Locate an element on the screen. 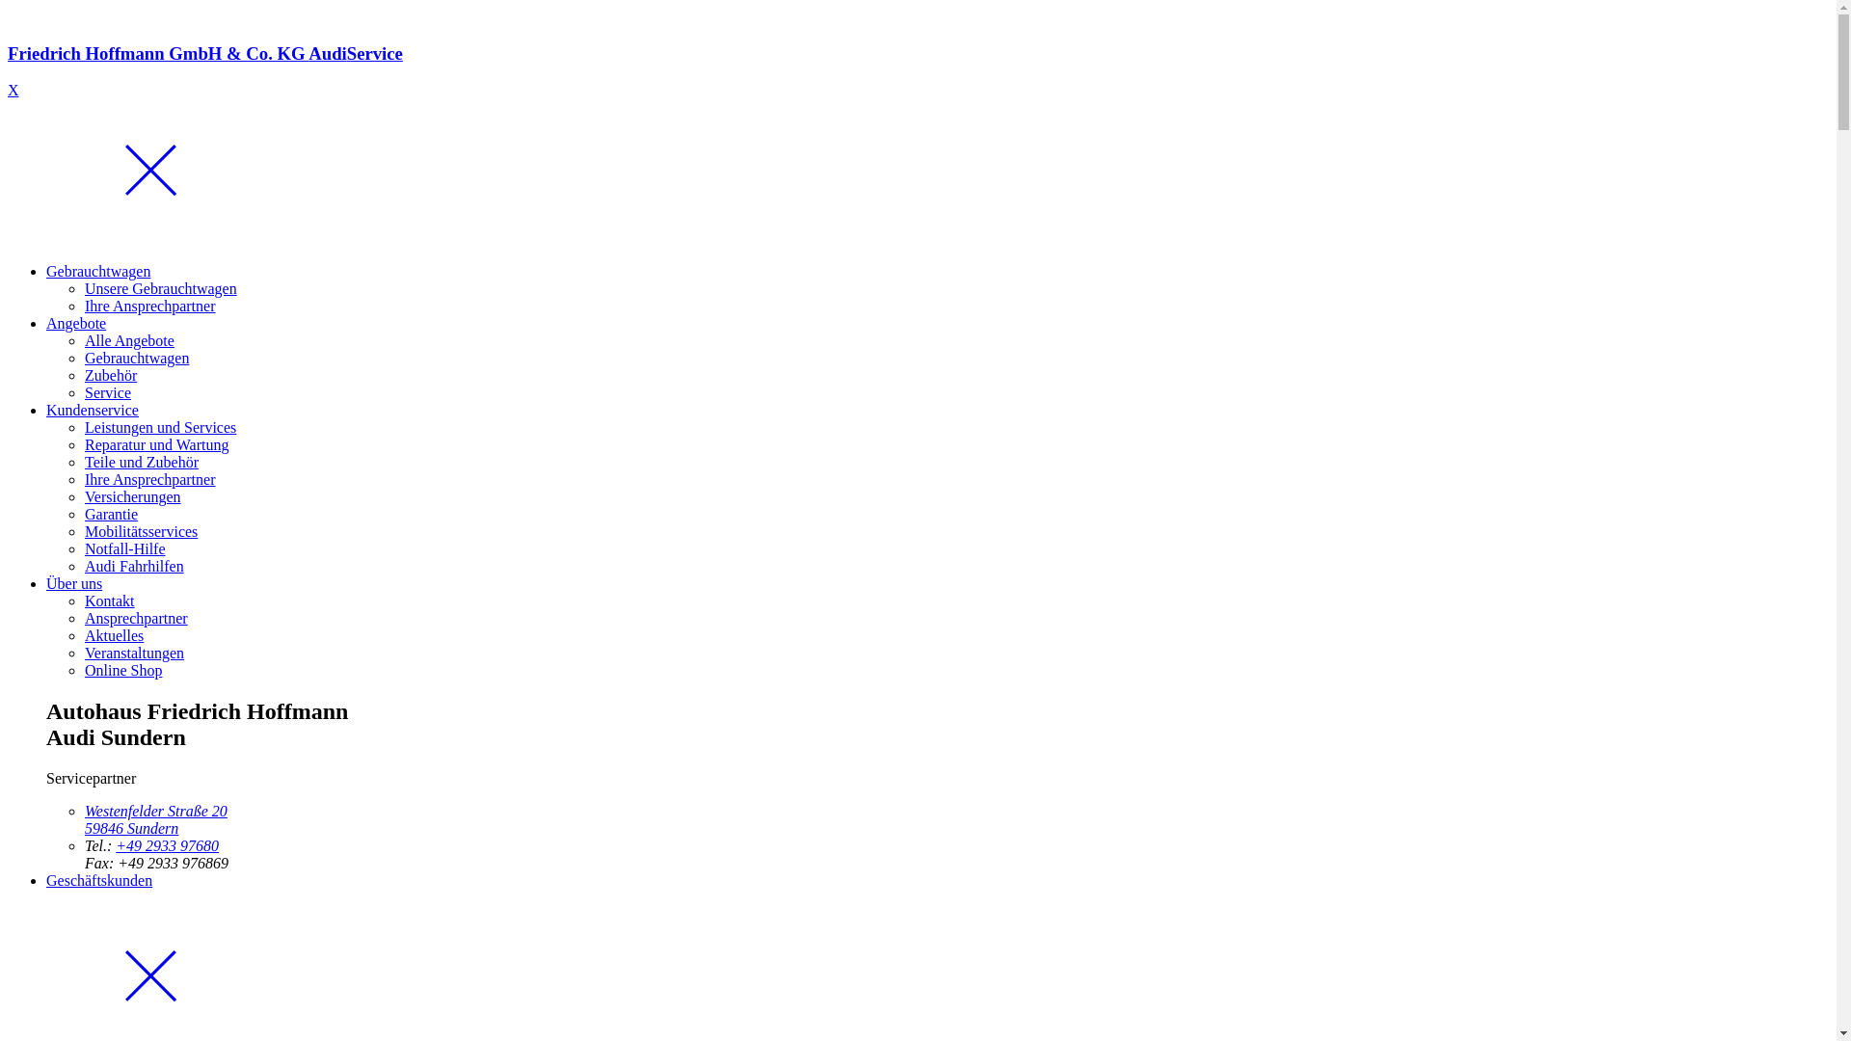 Image resolution: width=1851 pixels, height=1041 pixels. 'Unsere Gebrauchtwagen' is located at coordinates (161, 288).